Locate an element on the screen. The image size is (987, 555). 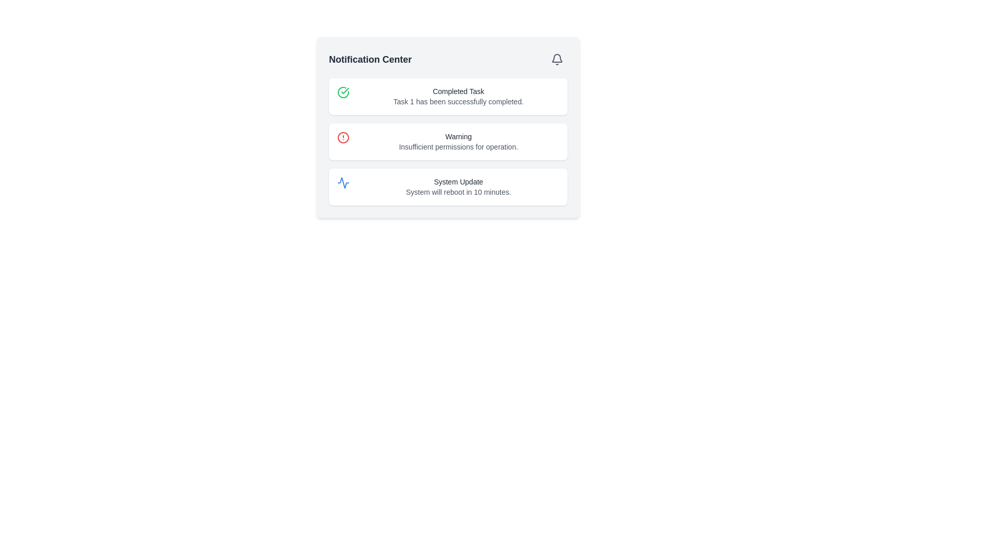
the SVG circle element that signifies a warning within the second notification card in the notification center is located at coordinates (343, 137).